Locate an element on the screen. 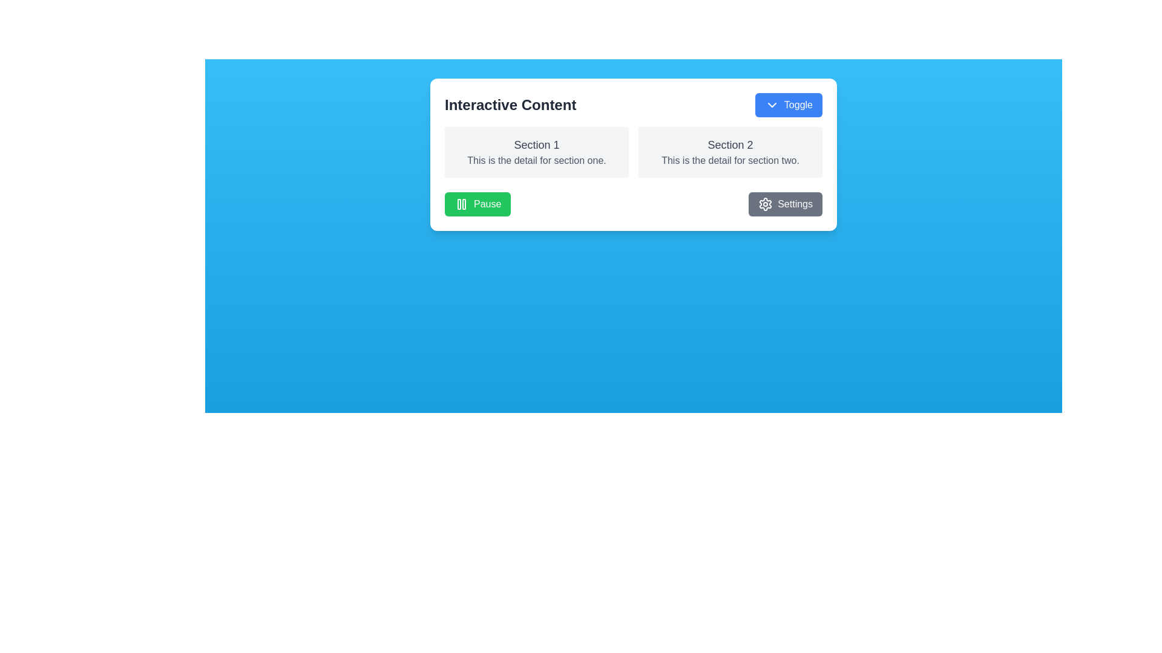 This screenshot has width=1162, height=653. the text label displaying 'Pause' located within the green button to understand the pause function is located at coordinates (487, 204).